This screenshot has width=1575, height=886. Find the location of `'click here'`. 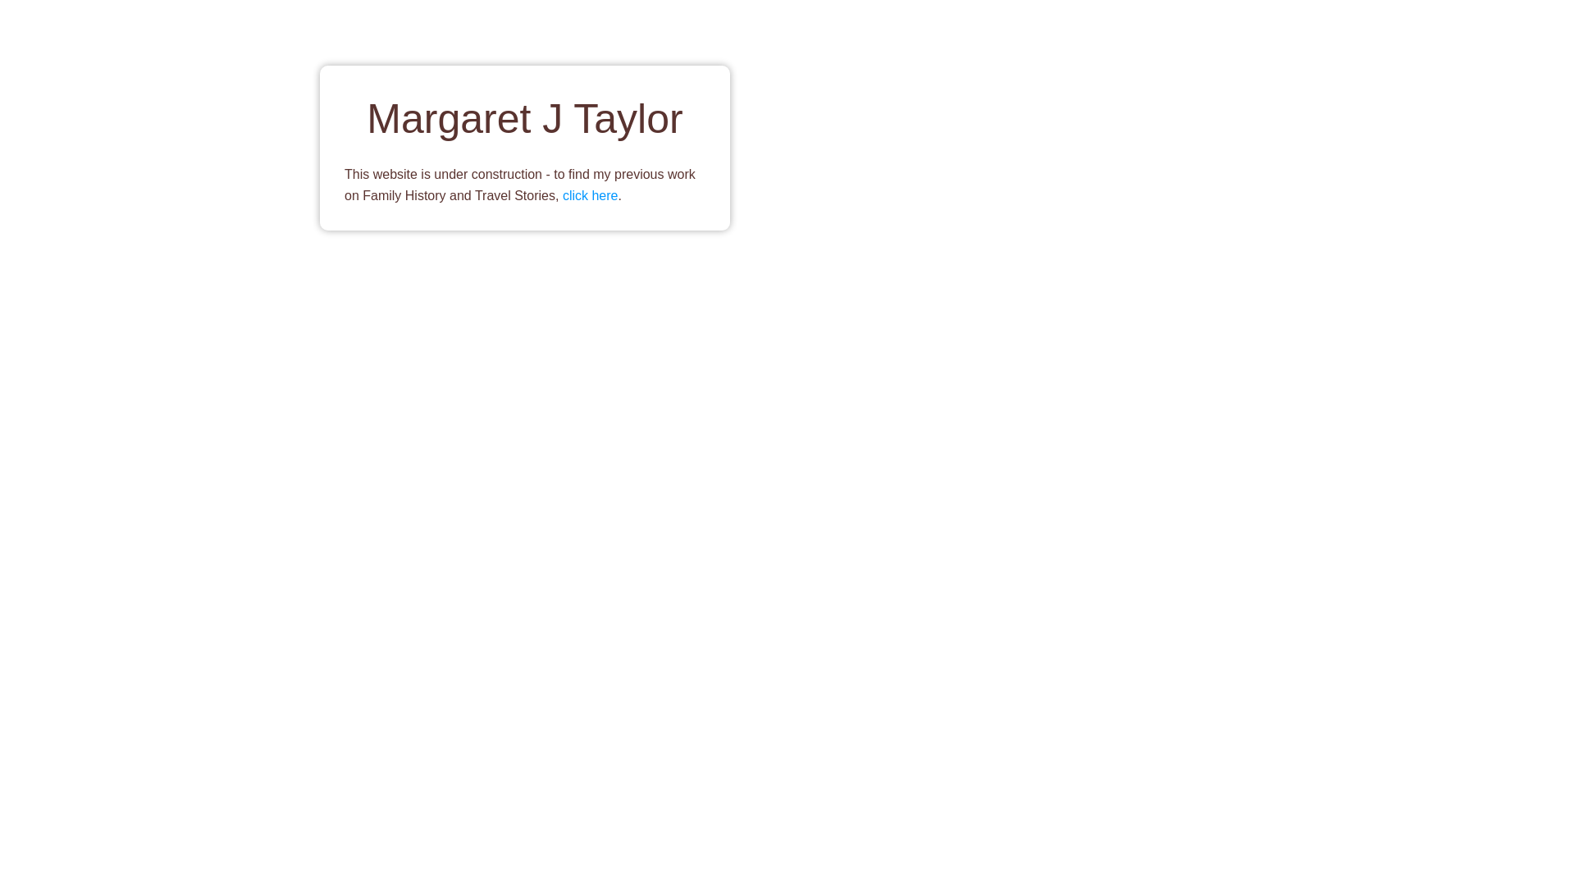

'click here' is located at coordinates (591, 194).